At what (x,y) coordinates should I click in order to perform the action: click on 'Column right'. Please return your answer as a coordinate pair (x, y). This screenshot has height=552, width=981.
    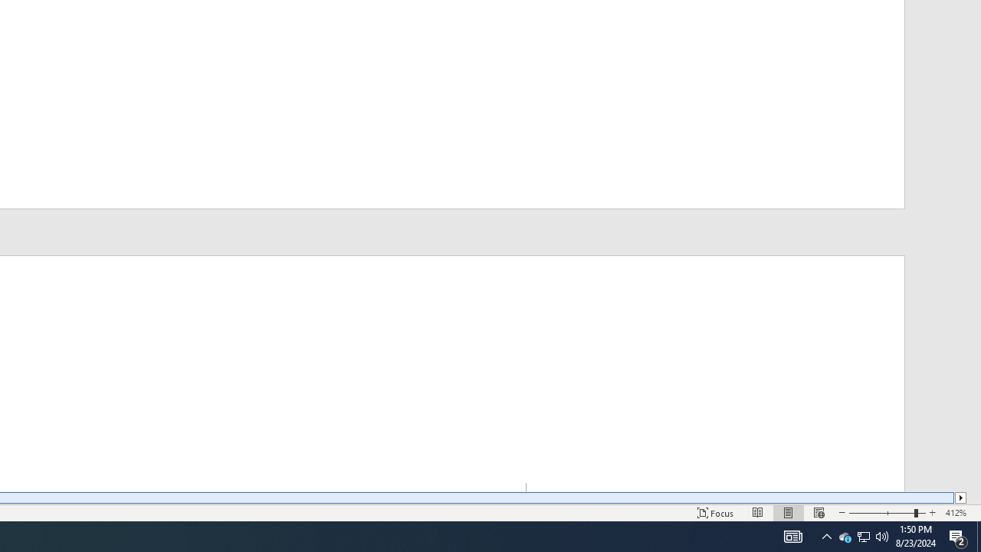
    Looking at the image, I should click on (960, 498).